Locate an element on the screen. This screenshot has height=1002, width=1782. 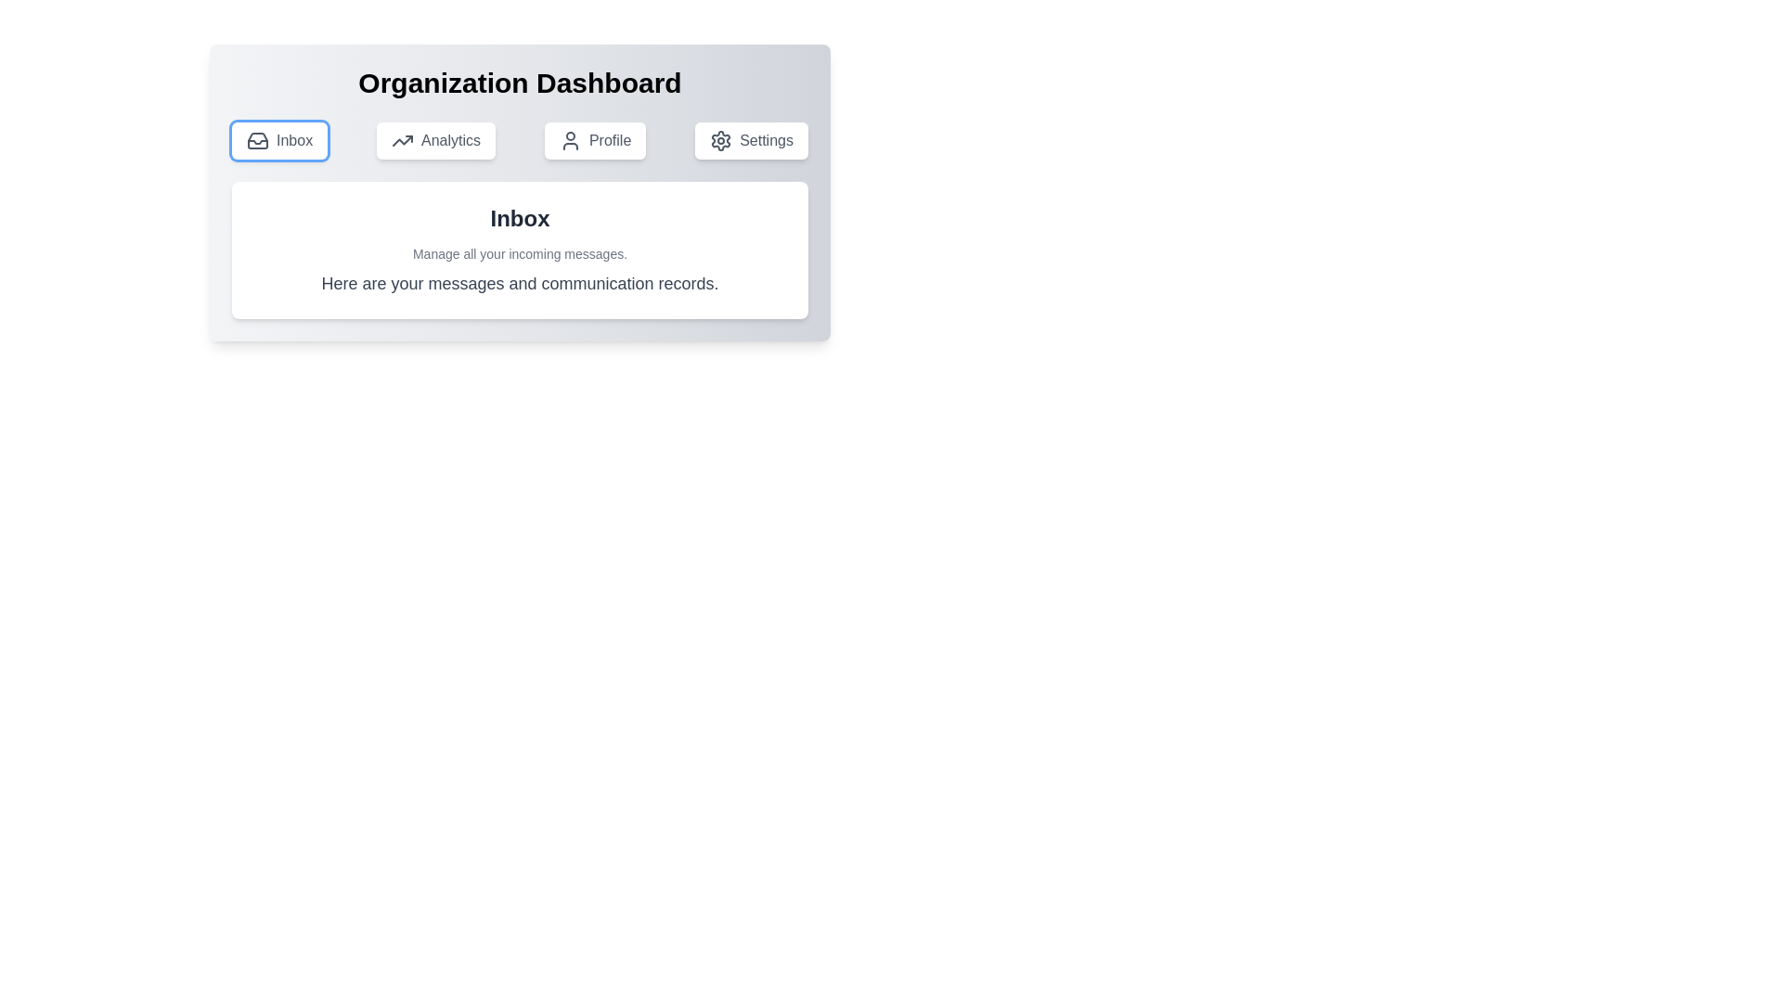
the gear-shaped settings icon located is located at coordinates (720, 139).